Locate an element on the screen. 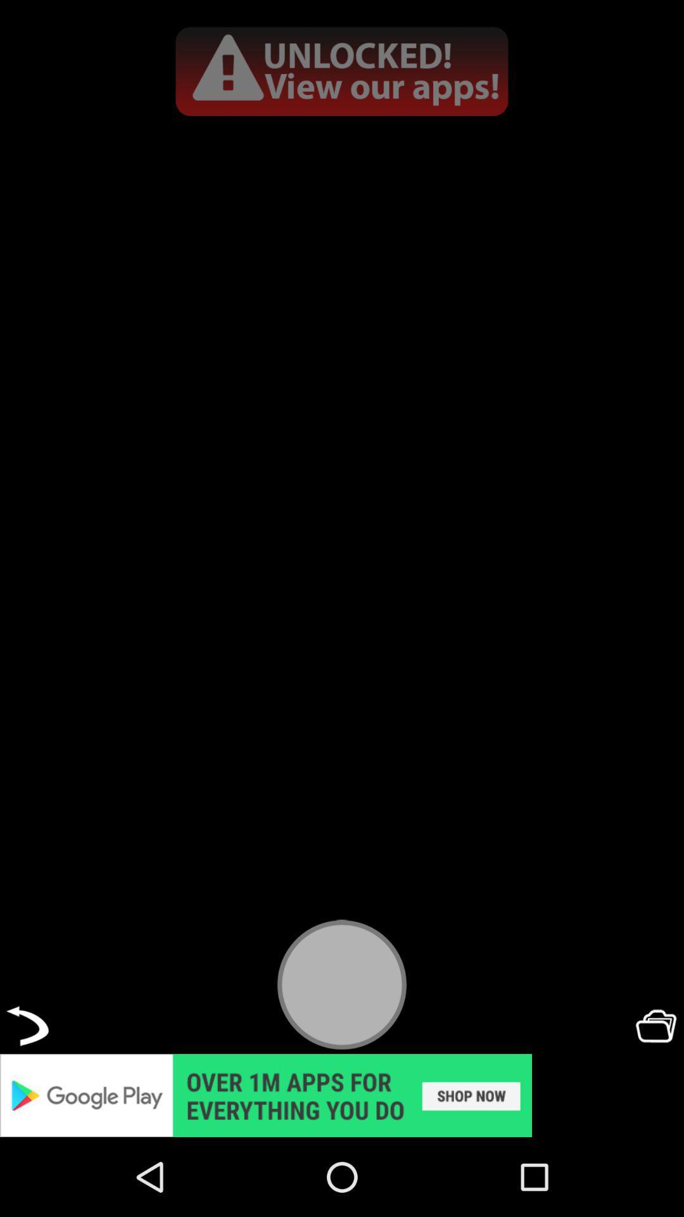 The width and height of the screenshot is (684, 1217). camera capture button is located at coordinates (342, 984).